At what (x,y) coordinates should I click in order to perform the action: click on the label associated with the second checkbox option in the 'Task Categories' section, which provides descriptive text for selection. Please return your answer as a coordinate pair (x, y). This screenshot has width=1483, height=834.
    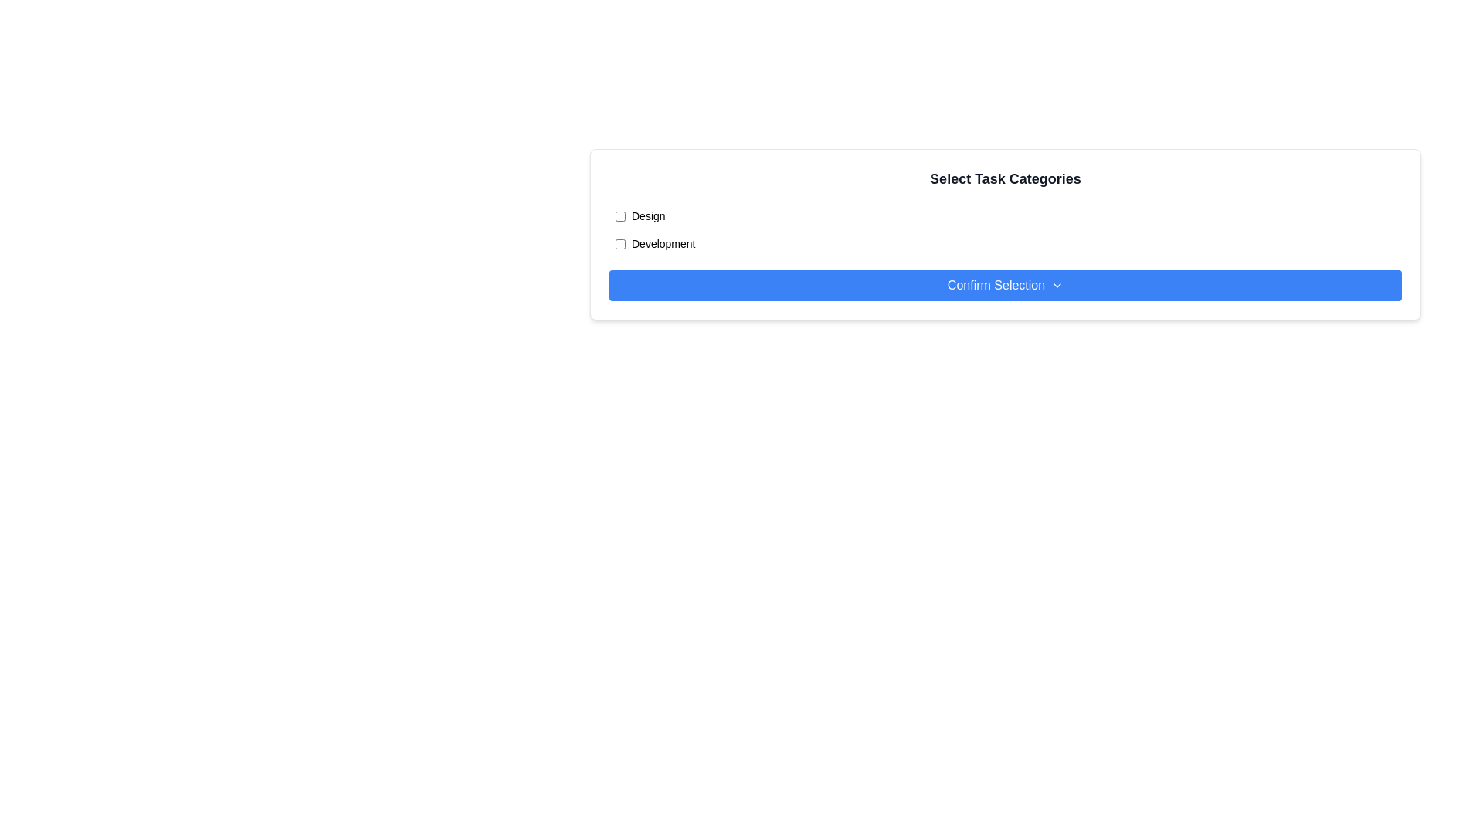
    Looking at the image, I should click on (663, 243).